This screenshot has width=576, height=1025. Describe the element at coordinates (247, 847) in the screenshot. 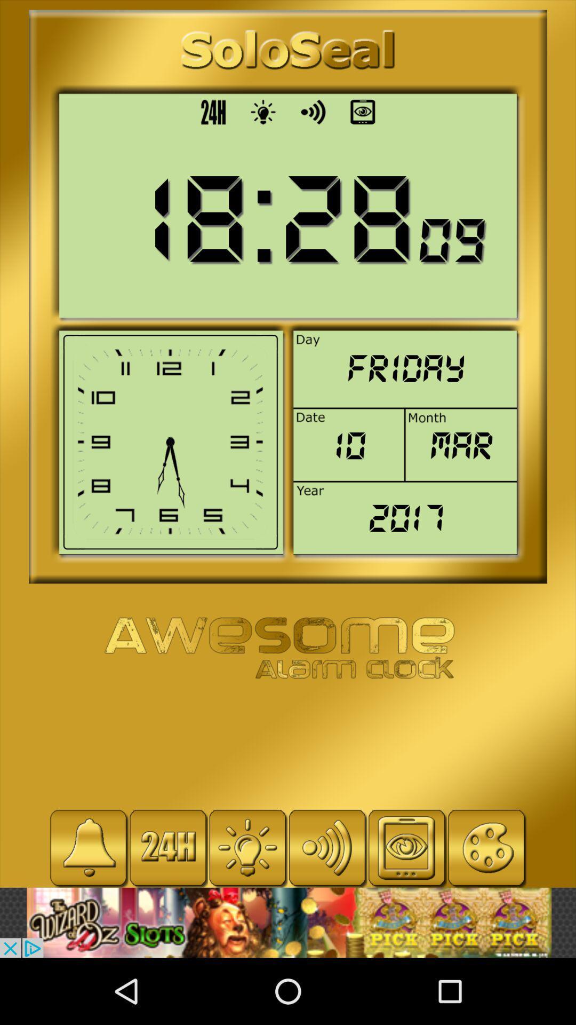

I see `the bright option` at that location.